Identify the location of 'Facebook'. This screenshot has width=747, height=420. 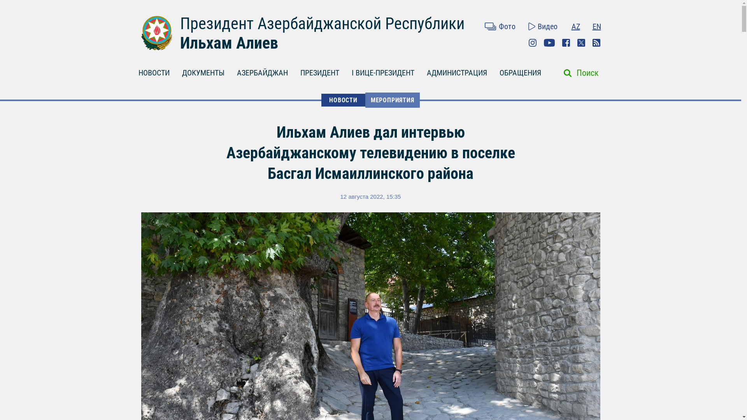
(566, 43).